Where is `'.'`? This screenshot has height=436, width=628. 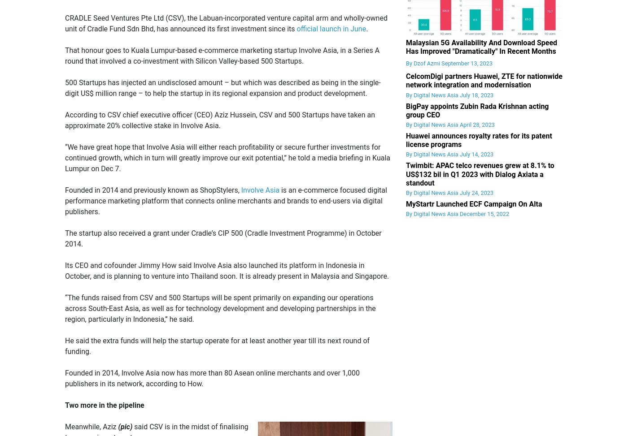
'.' is located at coordinates (367, 28).